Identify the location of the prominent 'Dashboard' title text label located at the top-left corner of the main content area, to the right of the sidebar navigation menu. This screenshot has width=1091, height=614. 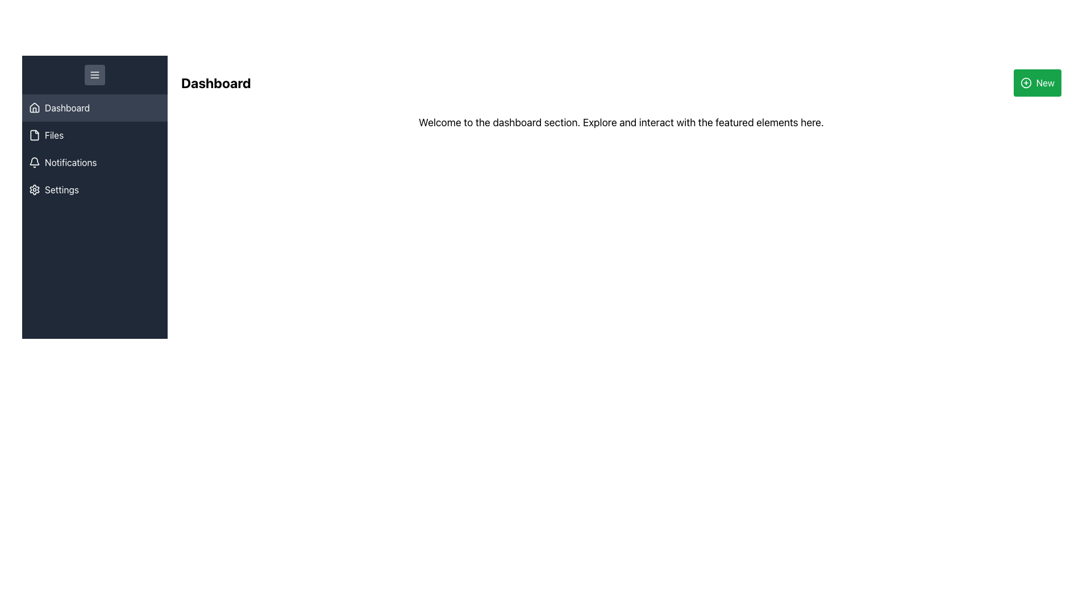
(216, 82).